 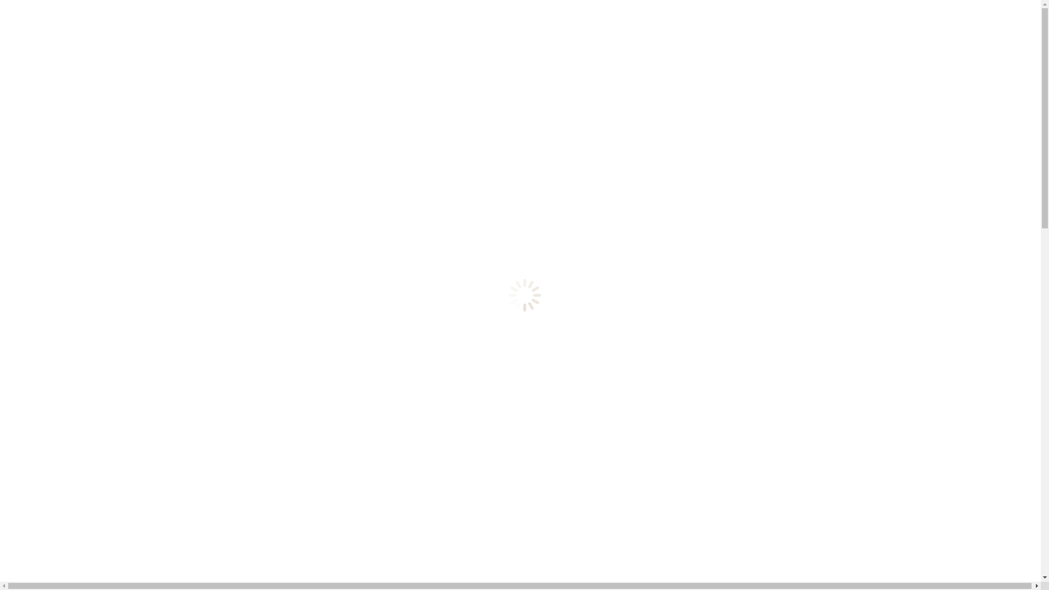 I want to click on 'Skip to content', so click(x=4, y=4).